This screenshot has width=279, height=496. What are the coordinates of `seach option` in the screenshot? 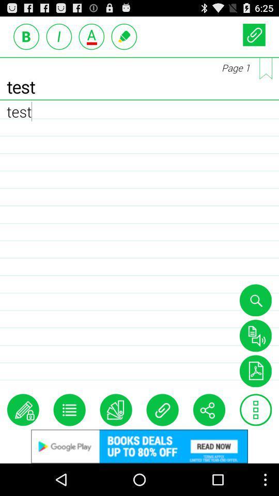 It's located at (255, 300).